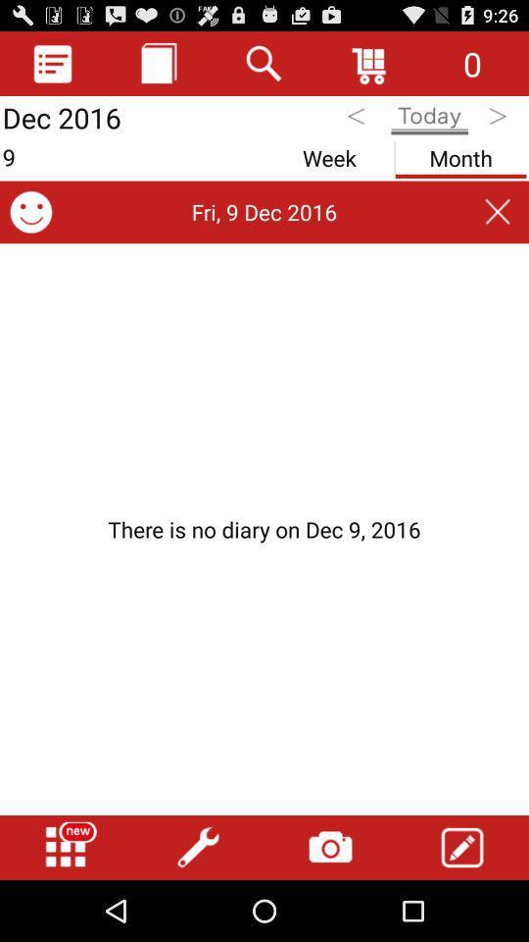 The image size is (529, 942). What do you see at coordinates (500, 119) in the screenshot?
I see `app below the 0` at bounding box center [500, 119].